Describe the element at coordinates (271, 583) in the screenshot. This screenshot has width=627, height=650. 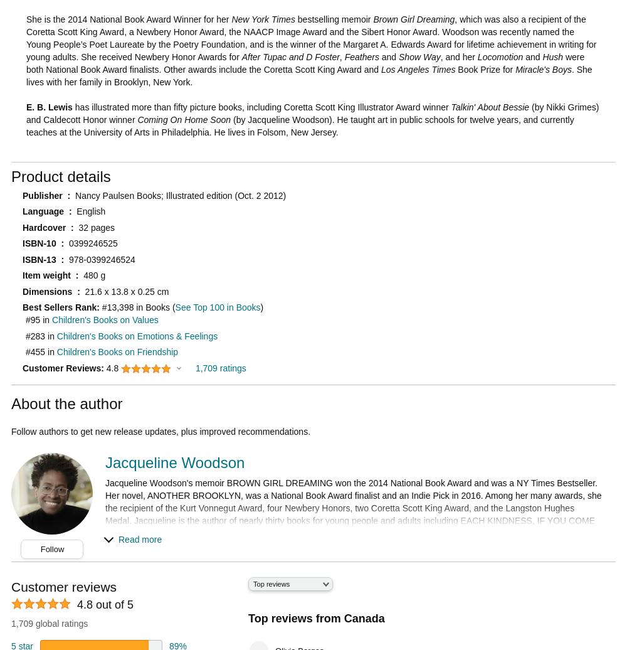
I see `'Top reviews'` at that location.